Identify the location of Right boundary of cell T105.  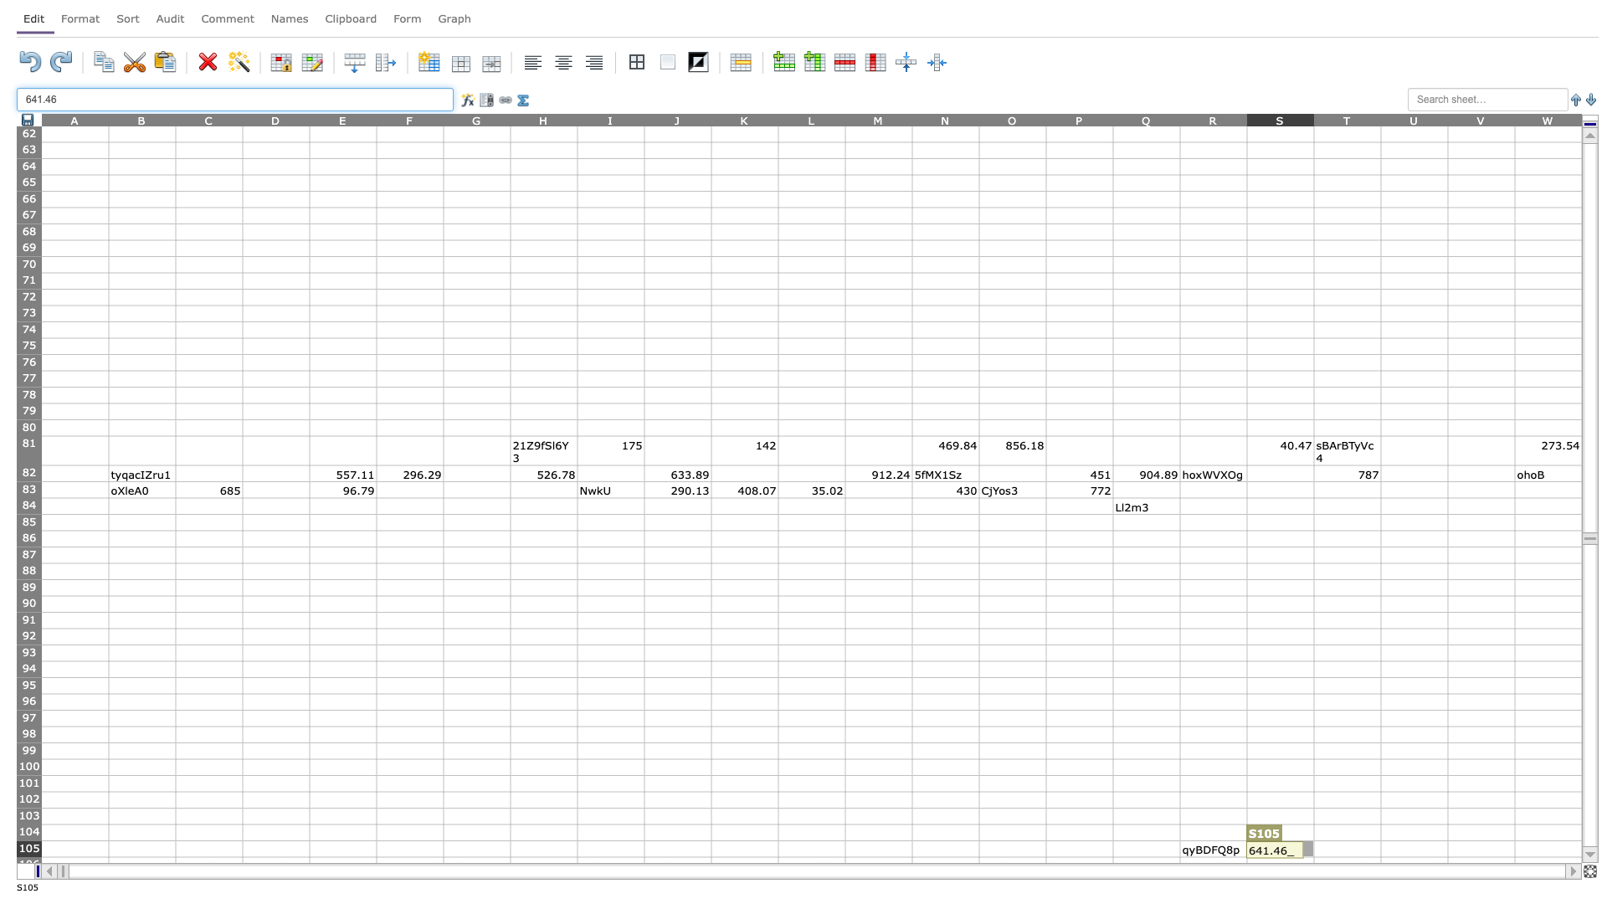
(1381, 849).